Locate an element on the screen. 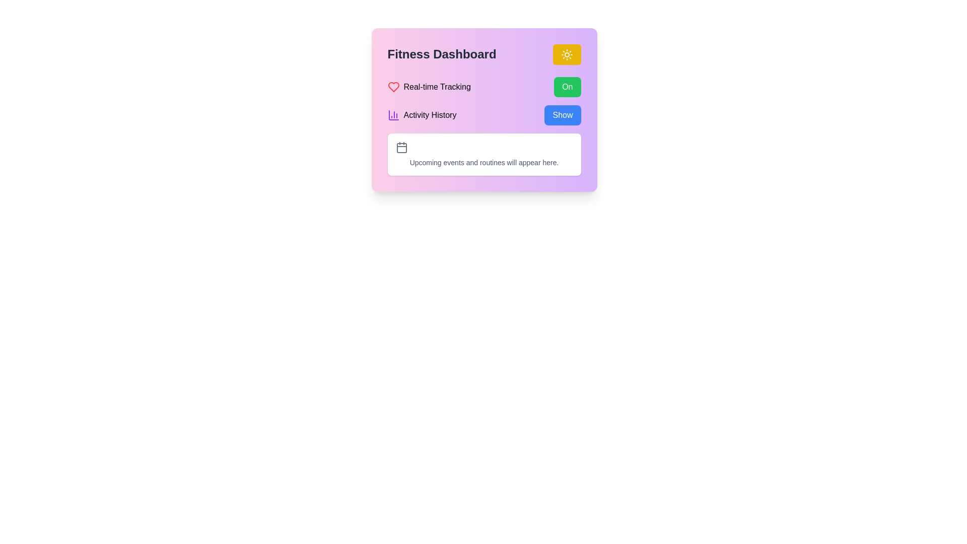  the button that toggles the visibility of 'Activity History' is located at coordinates (562, 114).